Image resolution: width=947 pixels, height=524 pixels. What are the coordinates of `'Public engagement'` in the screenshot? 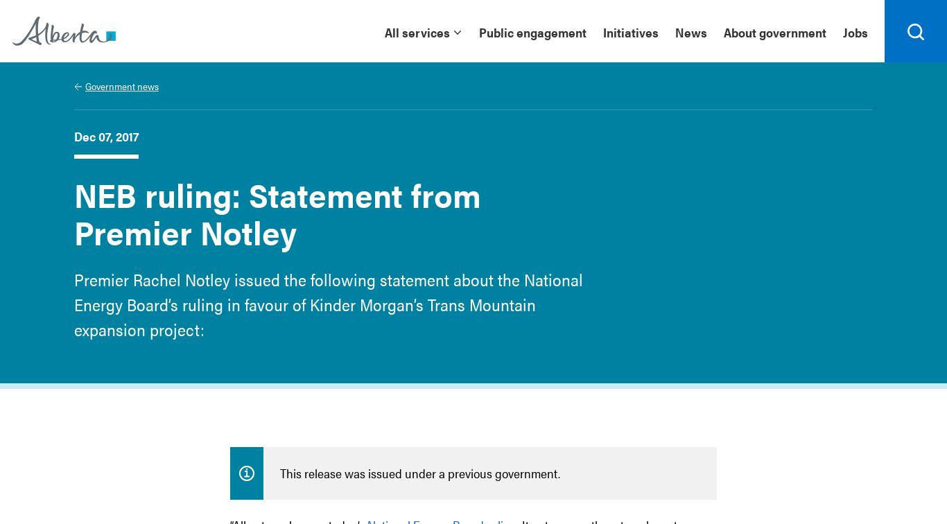 It's located at (532, 31).